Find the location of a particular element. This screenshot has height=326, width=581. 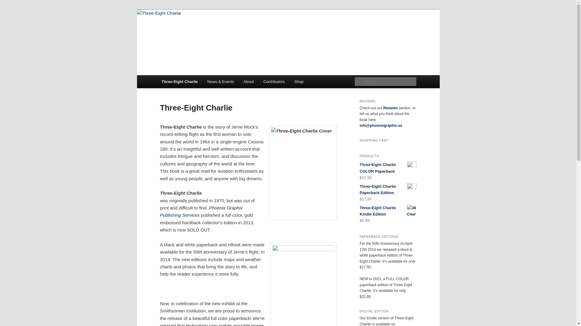

'Three-Eight Charlie COLOR Paperback' is located at coordinates (359, 168).